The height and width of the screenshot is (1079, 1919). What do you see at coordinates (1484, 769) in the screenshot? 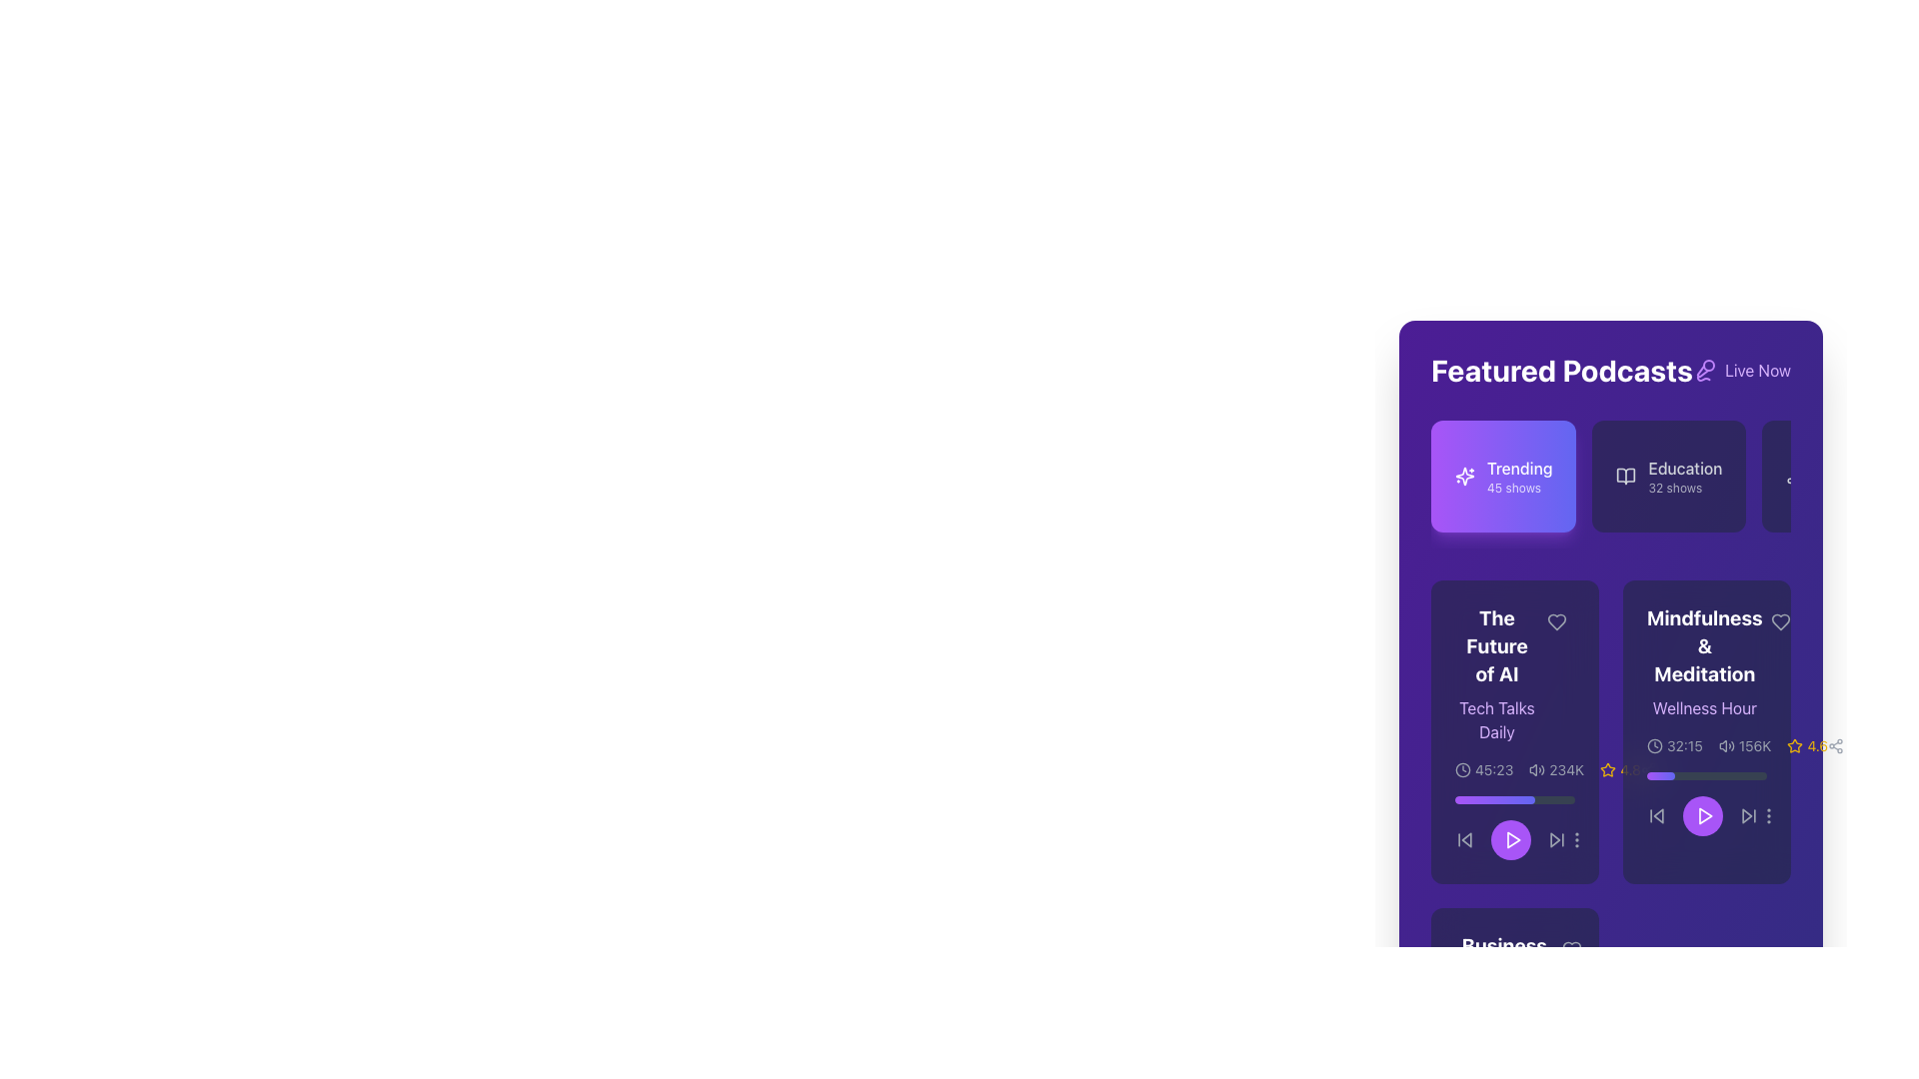
I see `displayed time of the podcast episode, which is shown in a Label next to a clock icon, located in the panel about 'The Future of AI' and positioned to the left of elements displaying '234K' and '4.8'` at bounding box center [1484, 769].